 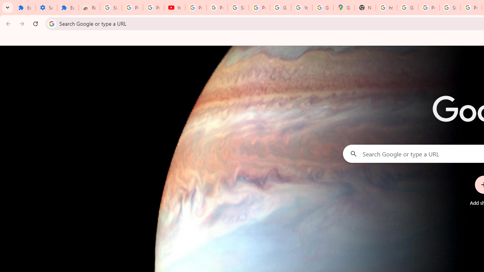 I want to click on 'New Tab', so click(x=365, y=8).